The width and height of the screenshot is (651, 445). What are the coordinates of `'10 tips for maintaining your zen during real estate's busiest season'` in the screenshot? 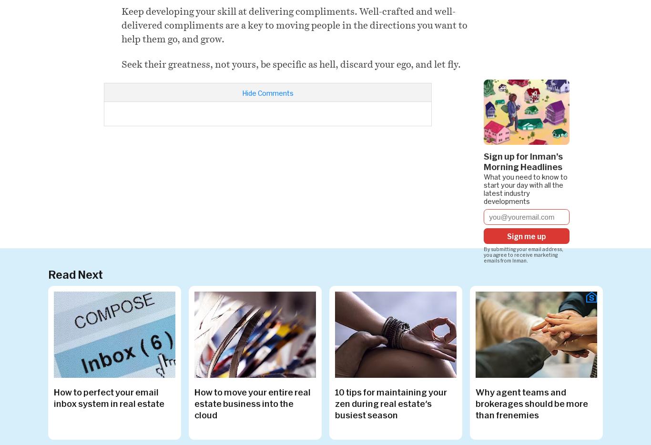 It's located at (390, 403).